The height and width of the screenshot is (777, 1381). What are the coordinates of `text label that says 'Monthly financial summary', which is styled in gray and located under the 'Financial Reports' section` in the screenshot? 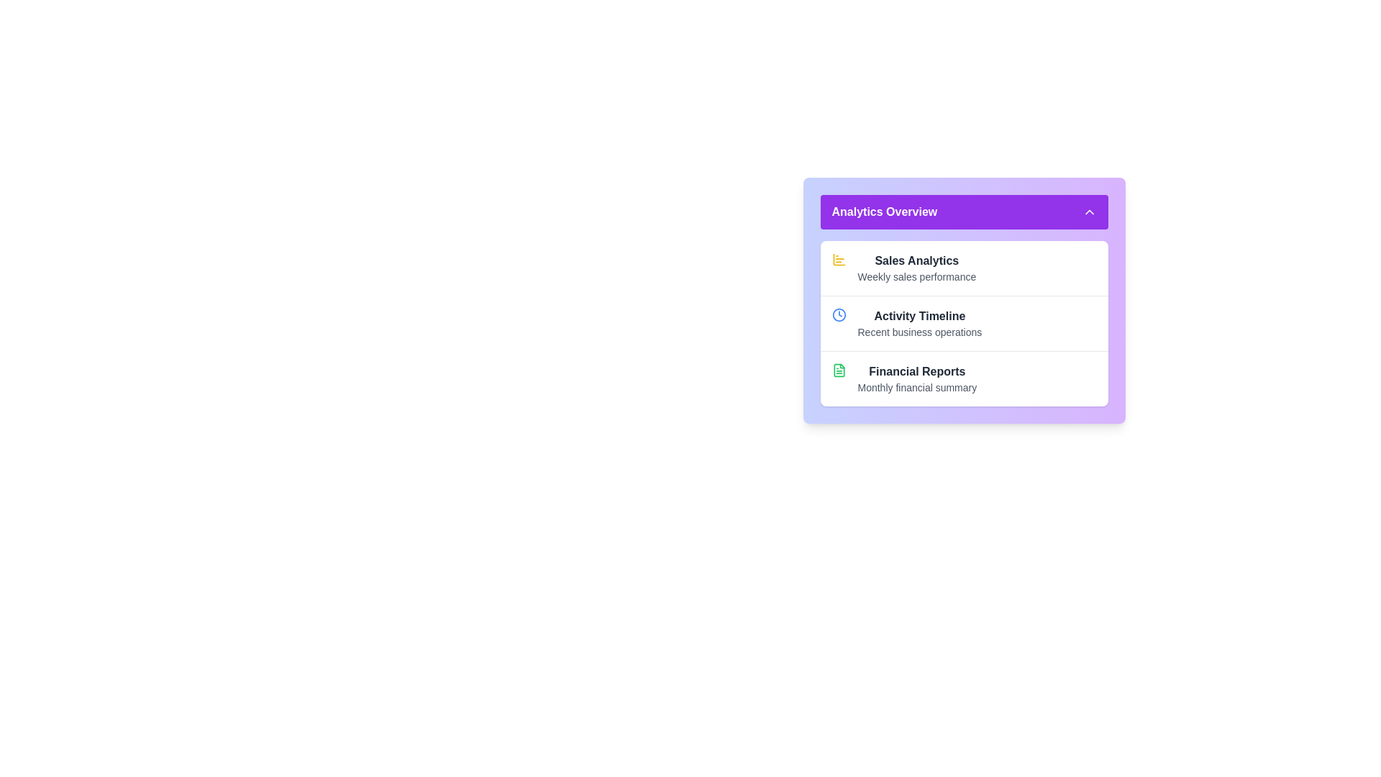 It's located at (916, 387).